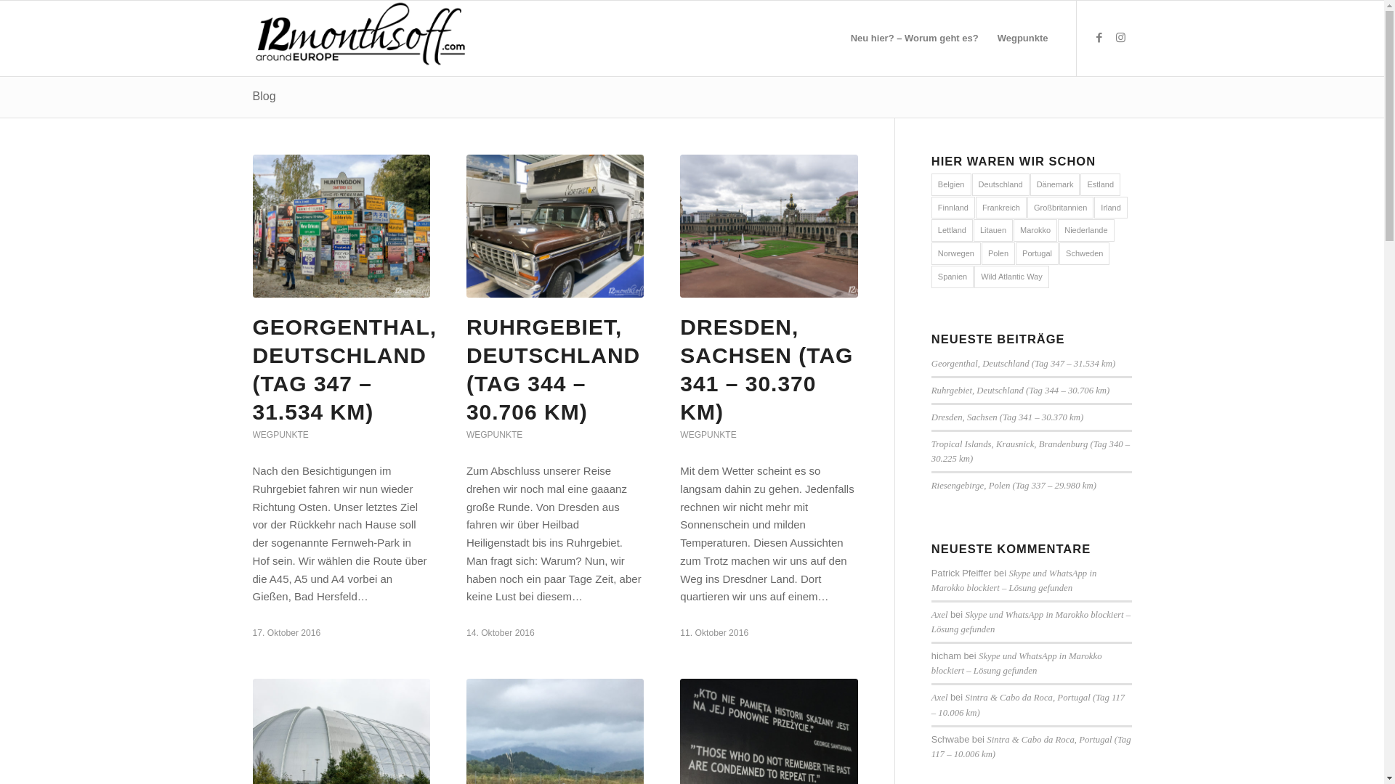  Describe the element at coordinates (931, 277) in the screenshot. I see `'Spanien'` at that location.